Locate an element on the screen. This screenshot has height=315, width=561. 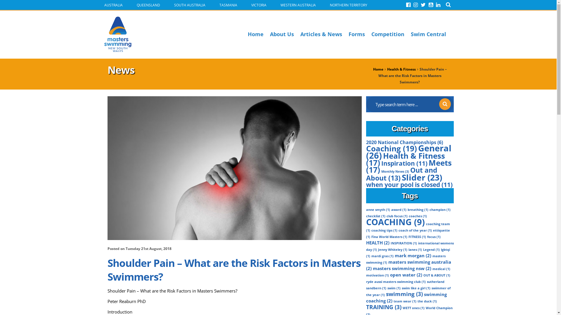
'masters swimming nsw (2)' is located at coordinates (402, 268).